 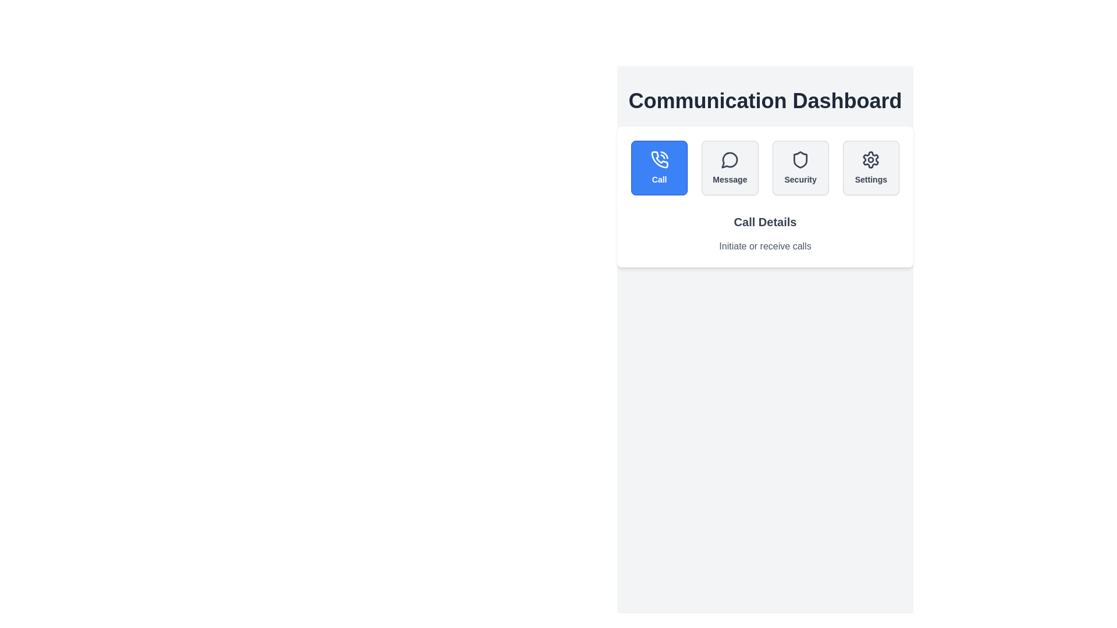 What do you see at coordinates (765, 222) in the screenshot?
I see `the static text label displaying 'Call Details', which is prominently positioned beneath the 'Call' button and above the text 'Initiate or receive calls'` at bounding box center [765, 222].